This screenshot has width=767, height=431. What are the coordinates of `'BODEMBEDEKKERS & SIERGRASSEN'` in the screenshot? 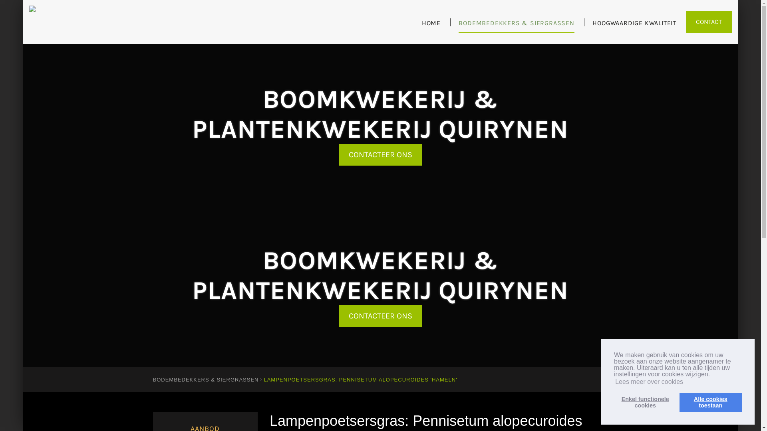 It's located at (516, 26).